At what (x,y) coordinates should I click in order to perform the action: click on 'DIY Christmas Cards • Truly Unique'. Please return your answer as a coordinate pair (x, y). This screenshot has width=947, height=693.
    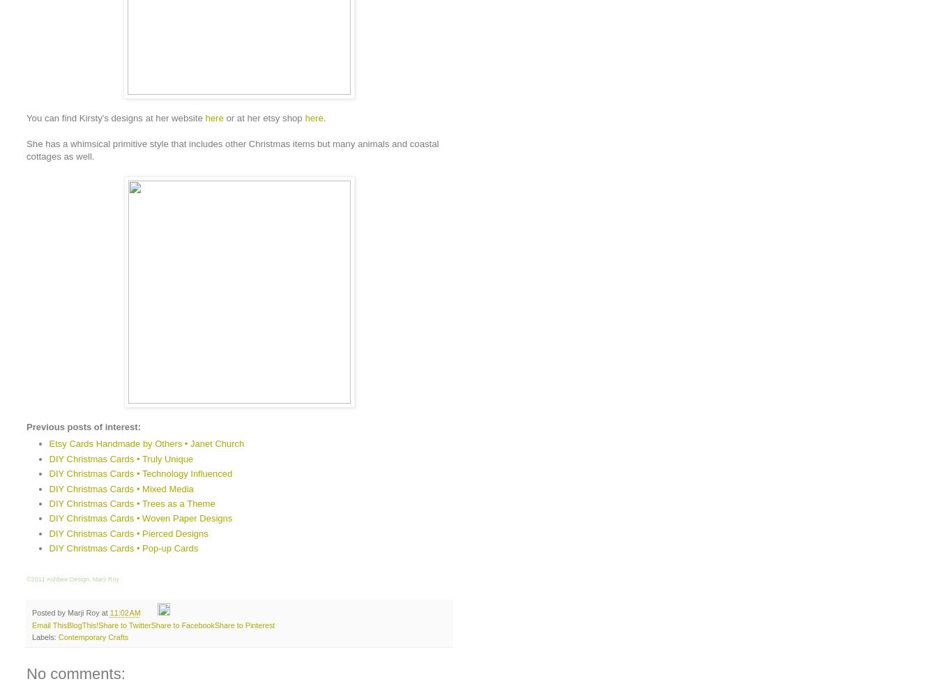
    Looking at the image, I should click on (121, 458).